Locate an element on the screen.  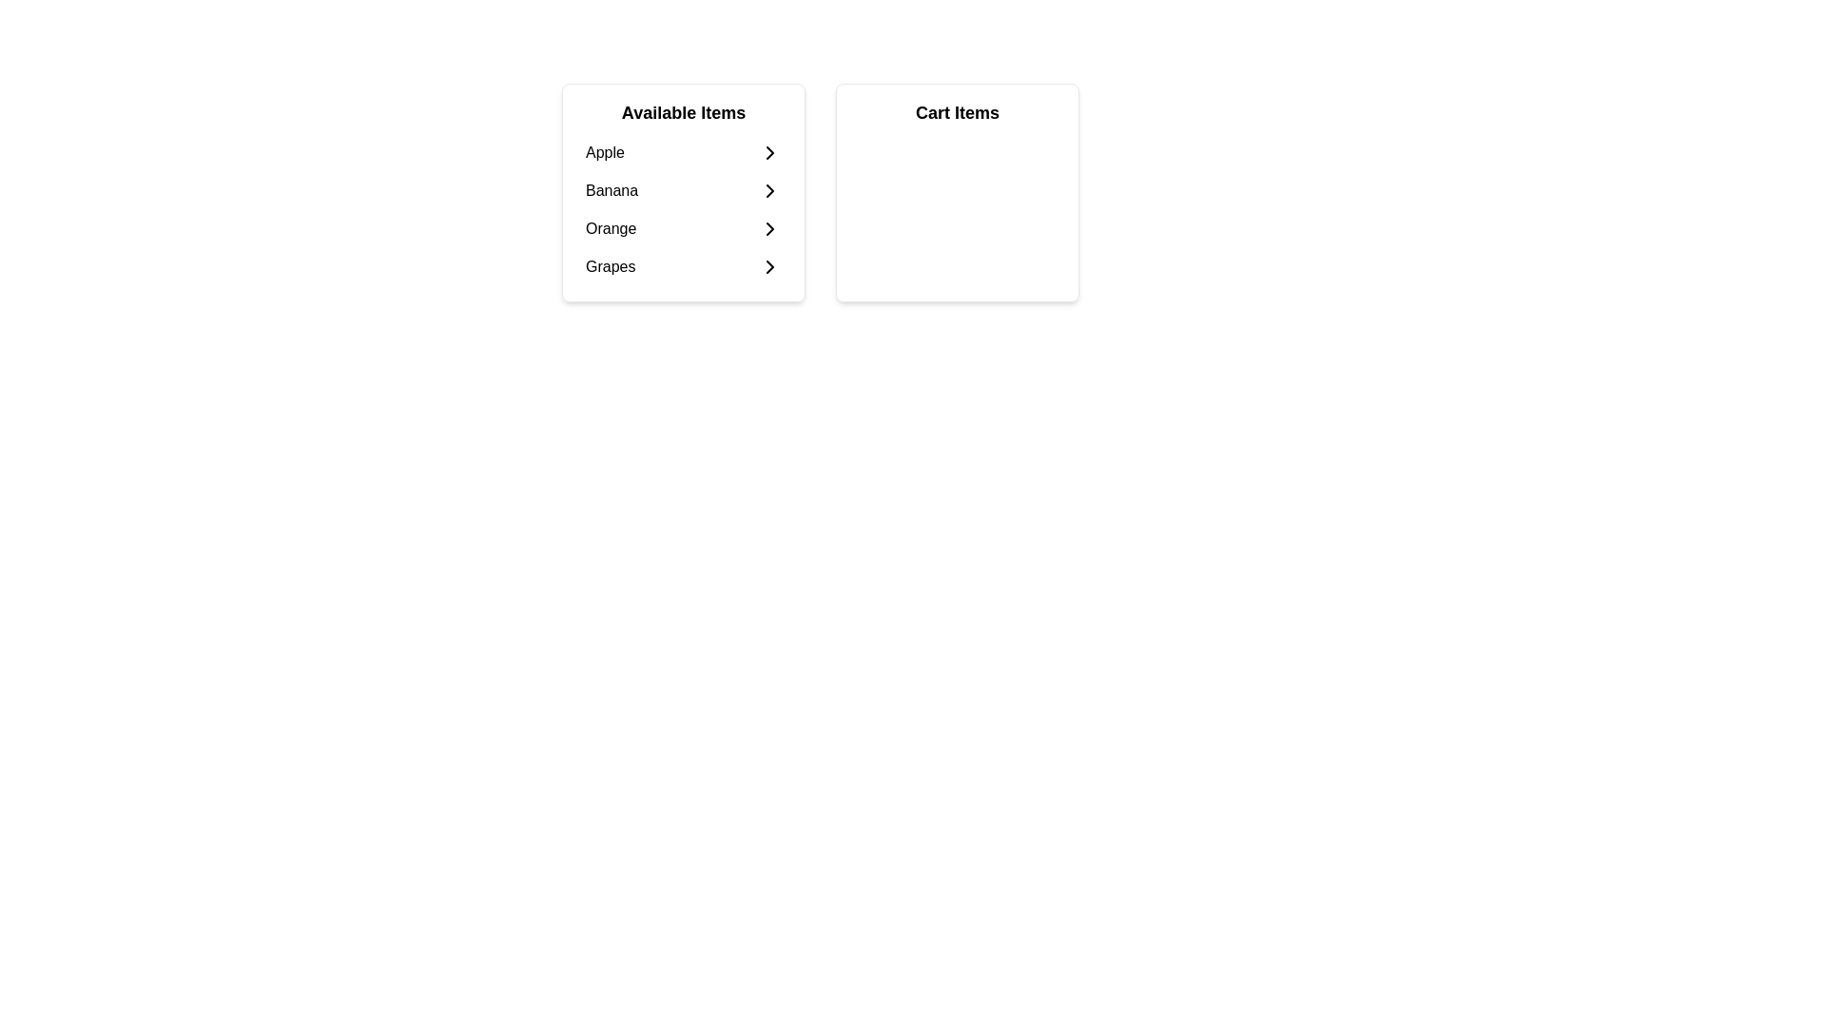
the rightwards-pointing chevron arrow associated with the 'Orange' item in the 'Available Items' list is located at coordinates (770, 227).